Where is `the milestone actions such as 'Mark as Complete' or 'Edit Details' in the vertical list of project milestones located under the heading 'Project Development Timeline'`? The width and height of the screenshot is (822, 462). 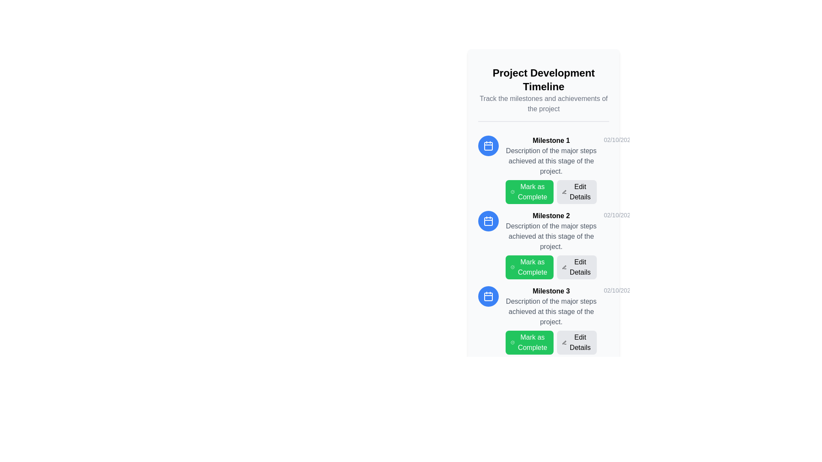 the milestone actions such as 'Mark as Complete' or 'Edit Details' in the vertical list of project milestones located under the heading 'Project Development Timeline' is located at coordinates (543, 245).